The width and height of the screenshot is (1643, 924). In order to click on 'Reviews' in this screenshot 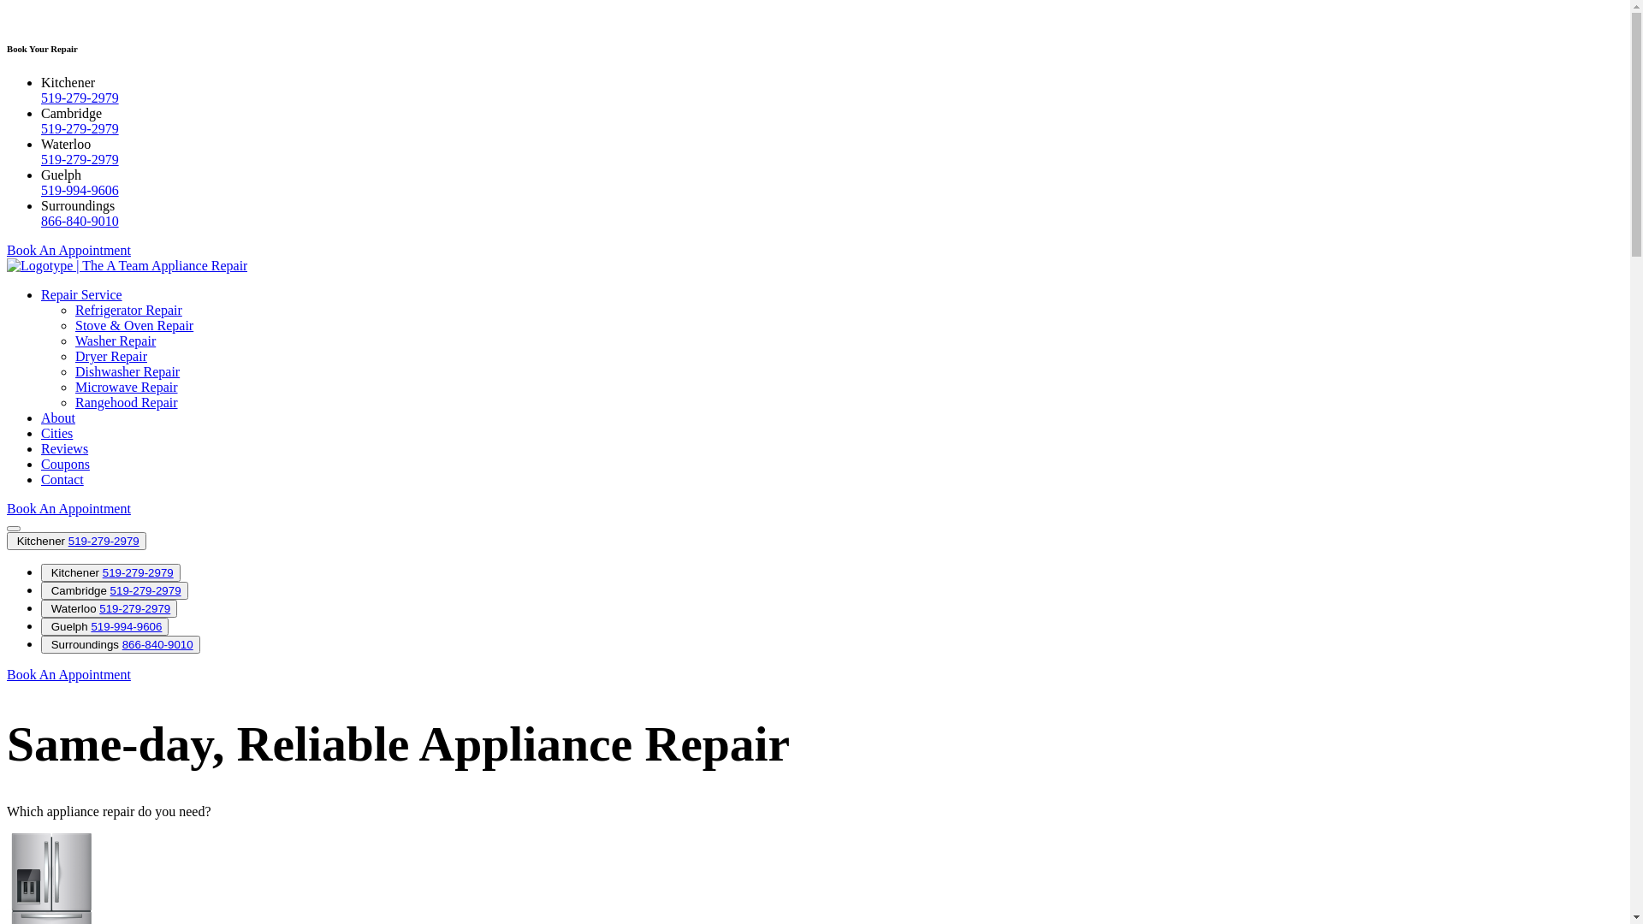, I will do `click(64, 447)`.